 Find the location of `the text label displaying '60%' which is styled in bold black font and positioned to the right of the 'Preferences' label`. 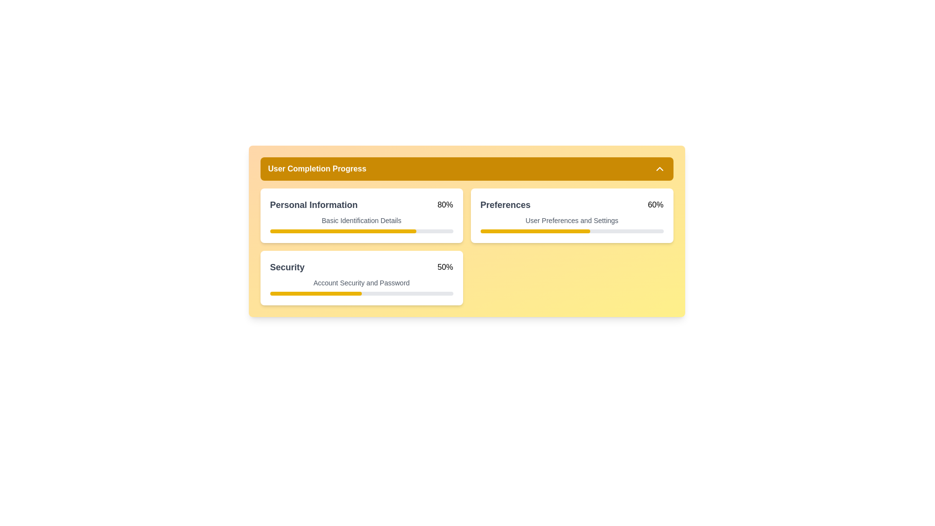

the text label displaying '60%' which is styled in bold black font and positioned to the right of the 'Preferences' label is located at coordinates (655, 204).